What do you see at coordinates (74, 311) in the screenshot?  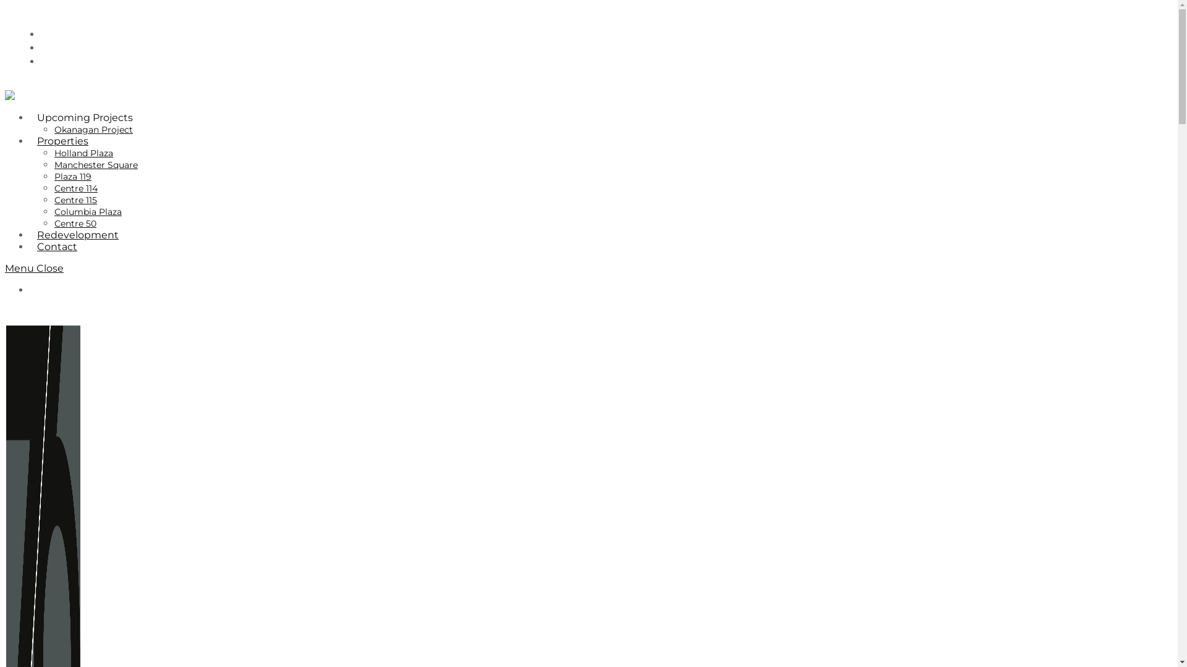 I see `'Leasing/Sales Opportunities'` at bounding box center [74, 311].